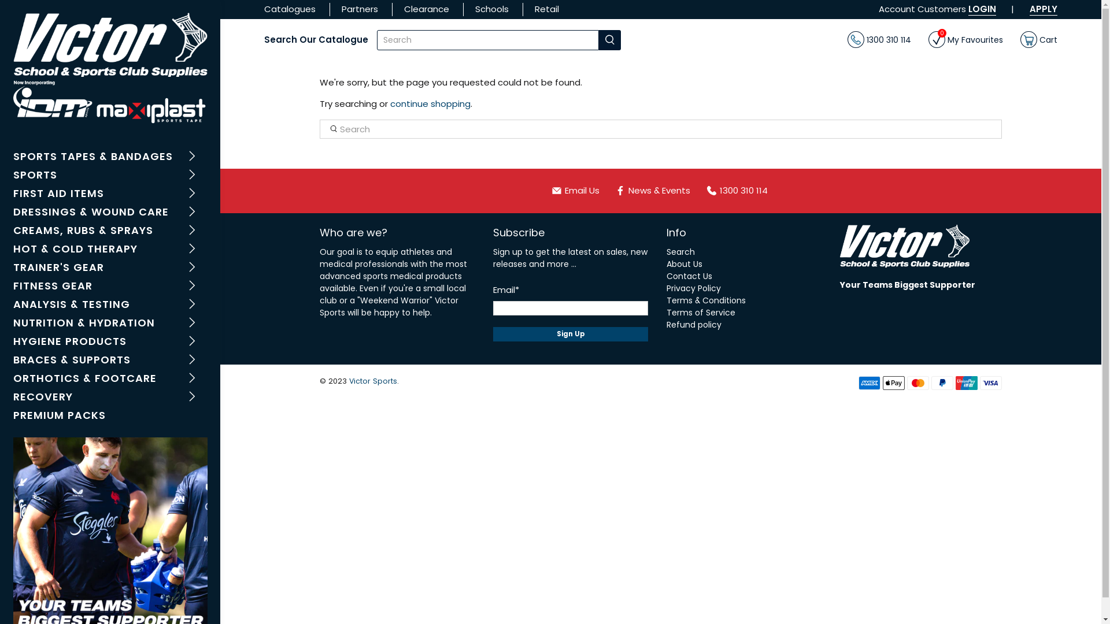 This screenshot has width=1110, height=624. What do you see at coordinates (491, 9) in the screenshot?
I see `'Schools'` at bounding box center [491, 9].